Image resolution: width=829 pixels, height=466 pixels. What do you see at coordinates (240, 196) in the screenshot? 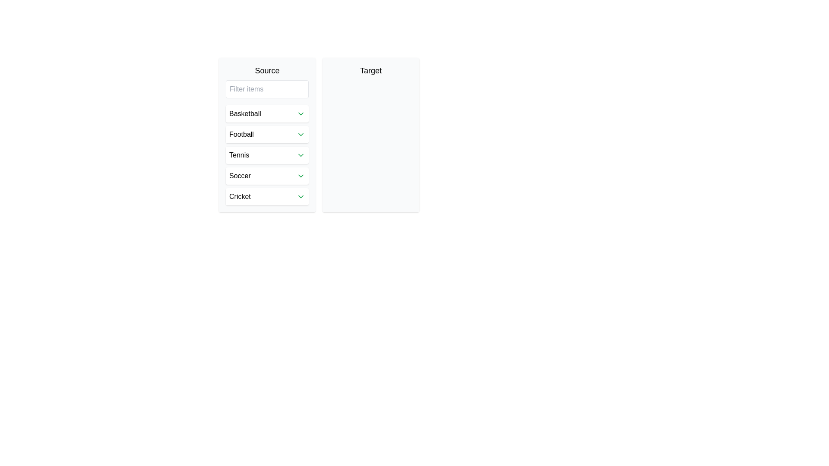
I see `the 'Cricket' text label, which is the last item in a list of sports options including 'Basketball' and 'Football'` at bounding box center [240, 196].